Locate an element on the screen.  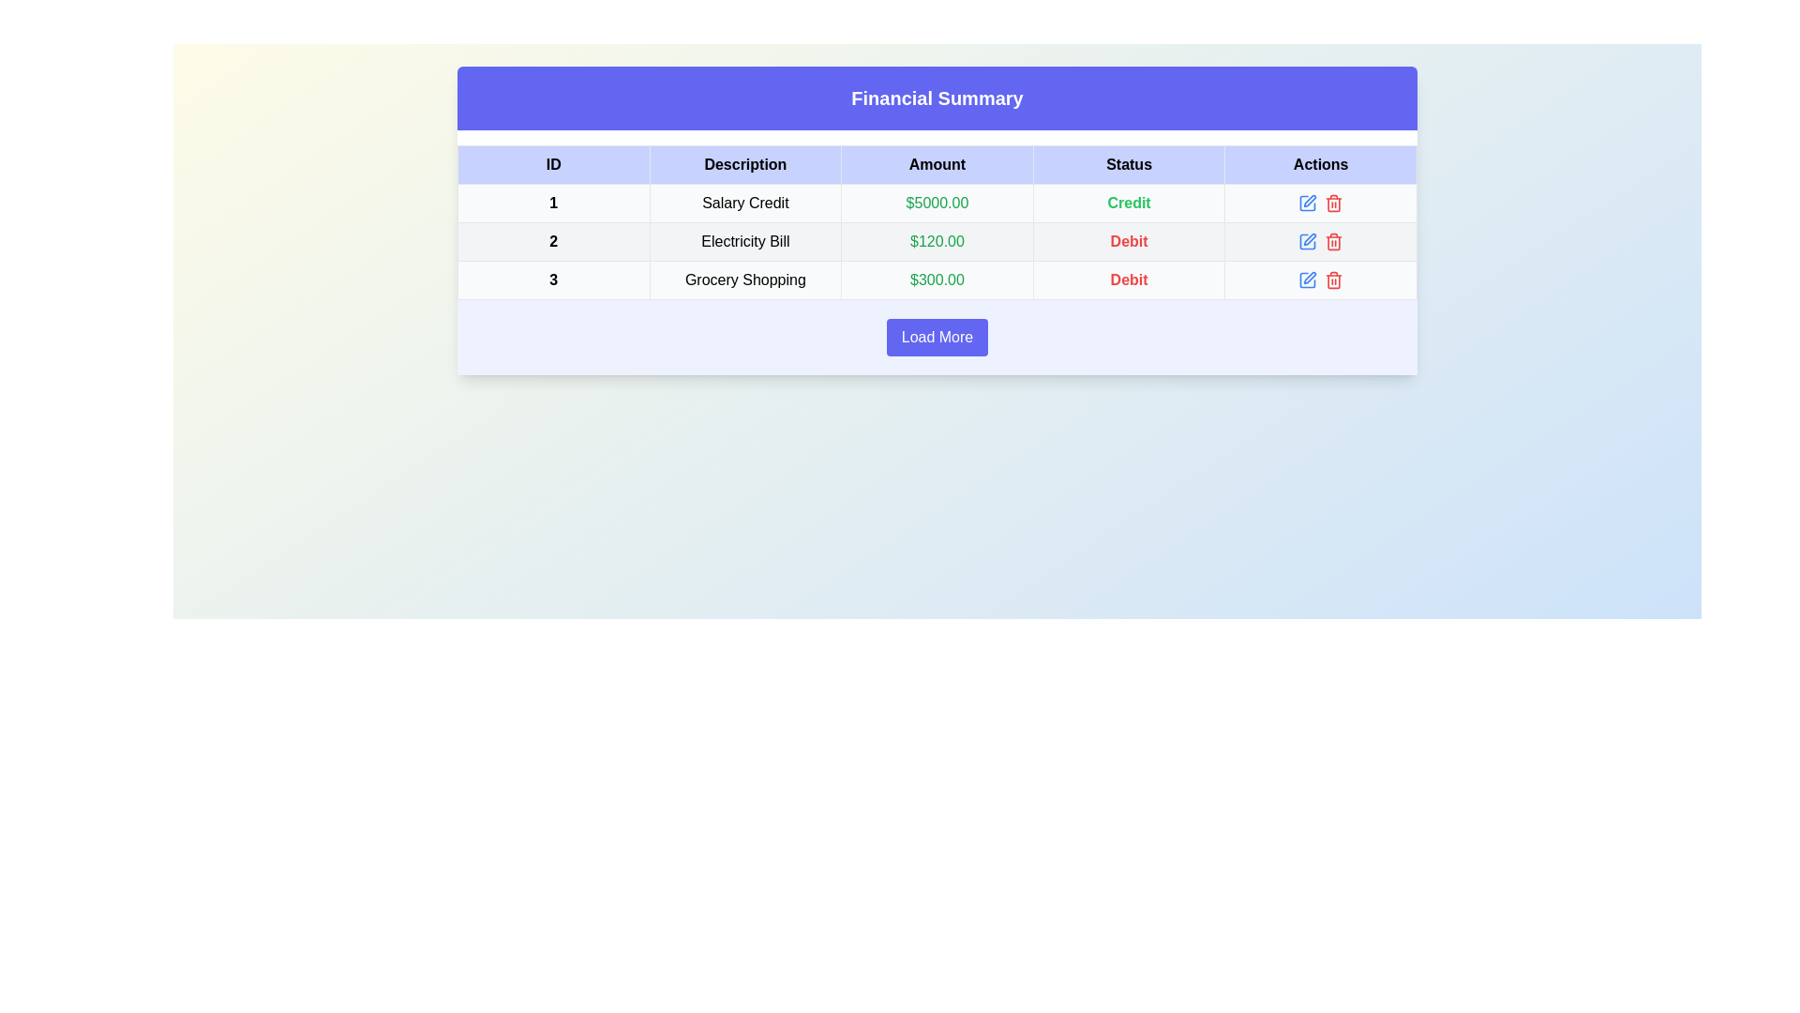
the Label displaying the amount of money ($300.00) associated with the 'Grocery Shopping' transaction, located in the third row of the table under the 'Amount' column is located at coordinates (937, 280).